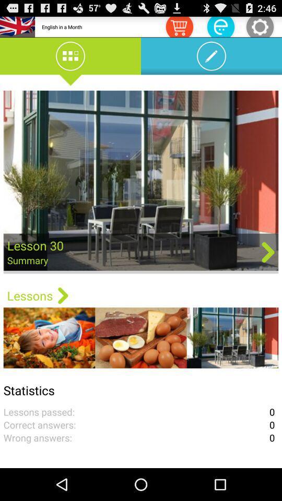 The width and height of the screenshot is (282, 501). What do you see at coordinates (259, 26) in the screenshot?
I see `open settings` at bounding box center [259, 26].